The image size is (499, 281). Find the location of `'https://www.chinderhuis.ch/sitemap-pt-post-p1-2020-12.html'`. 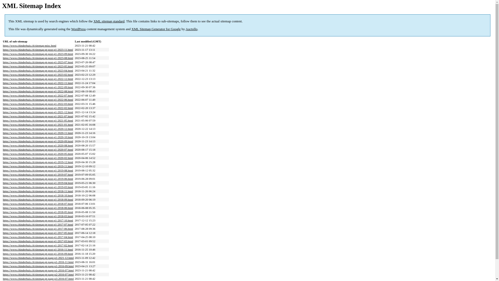

'https://www.chinderhuis.ch/sitemap-pt-post-p1-2020-12.html' is located at coordinates (37, 129).